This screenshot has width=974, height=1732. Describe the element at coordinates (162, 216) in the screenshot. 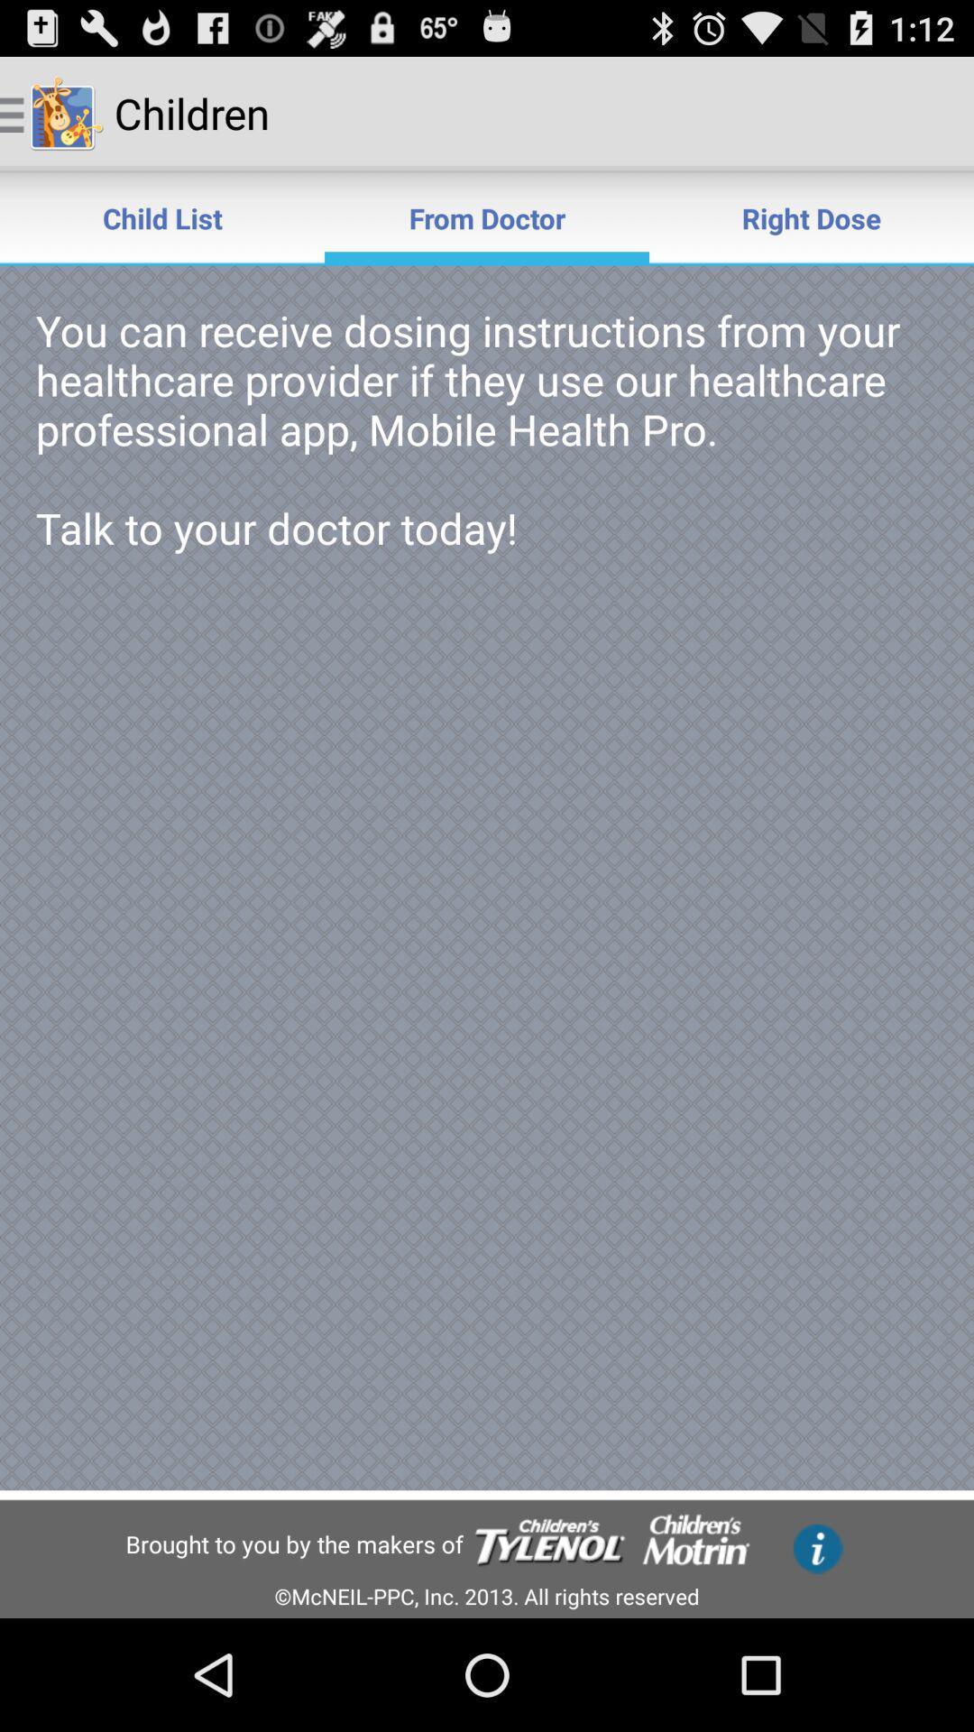

I see `the child list icon` at that location.